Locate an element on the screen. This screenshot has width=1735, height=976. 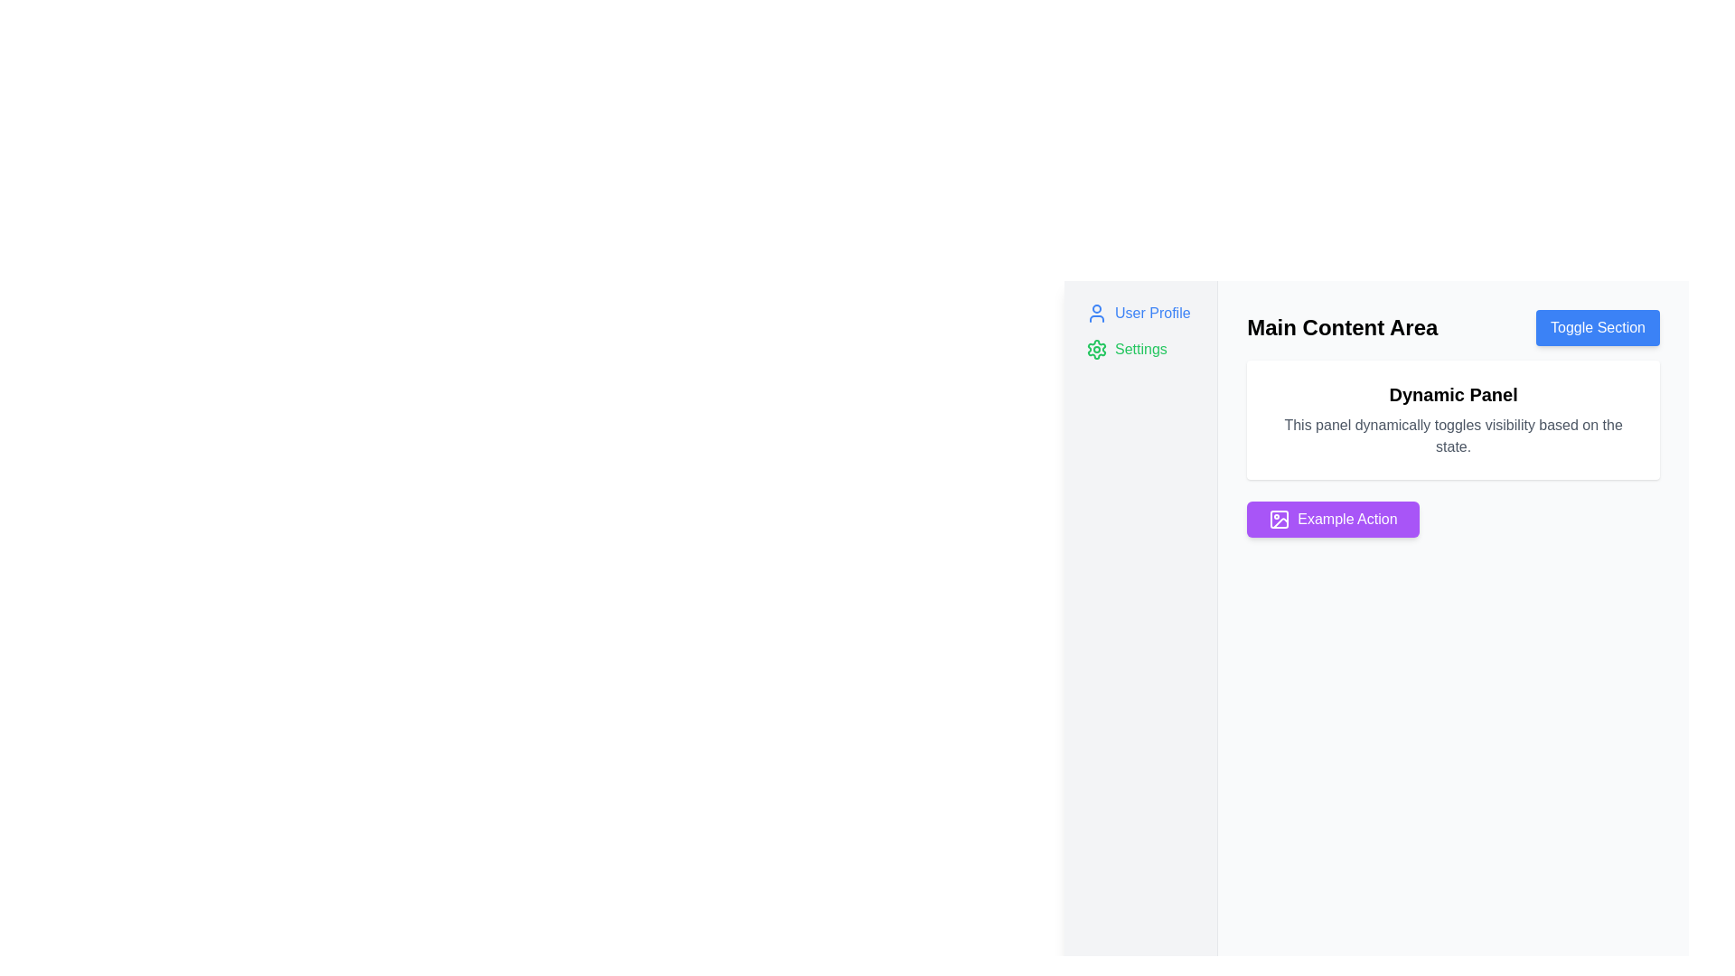
text from the bold heading labeled 'Dynamic Panel' located within the white card in the 'Main Content Area' is located at coordinates (1453, 393).